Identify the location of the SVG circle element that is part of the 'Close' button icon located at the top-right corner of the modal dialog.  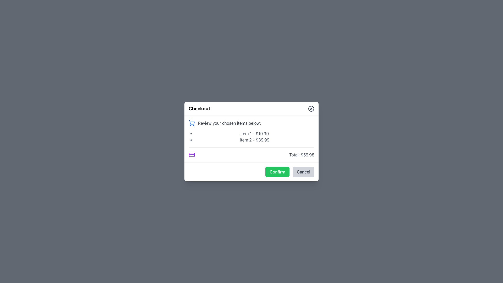
(311, 108).